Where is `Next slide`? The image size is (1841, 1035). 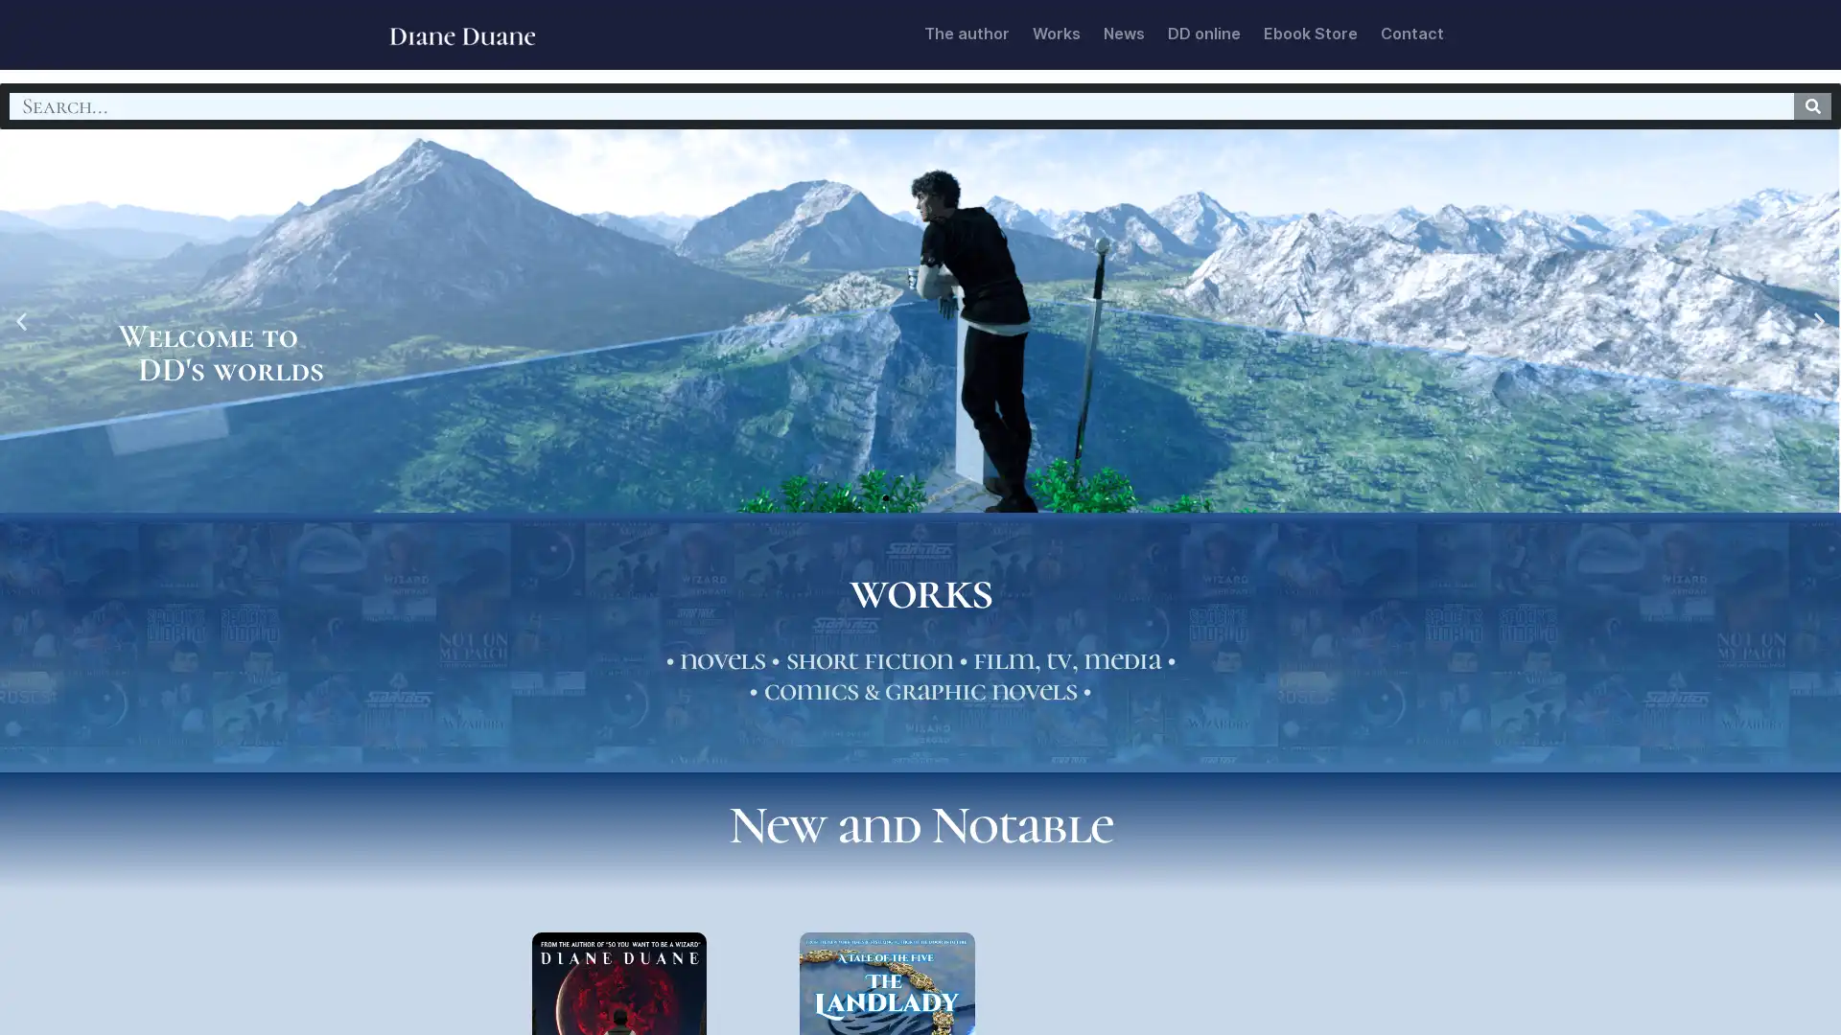
Next slide is located at coordinates (1818, 329).